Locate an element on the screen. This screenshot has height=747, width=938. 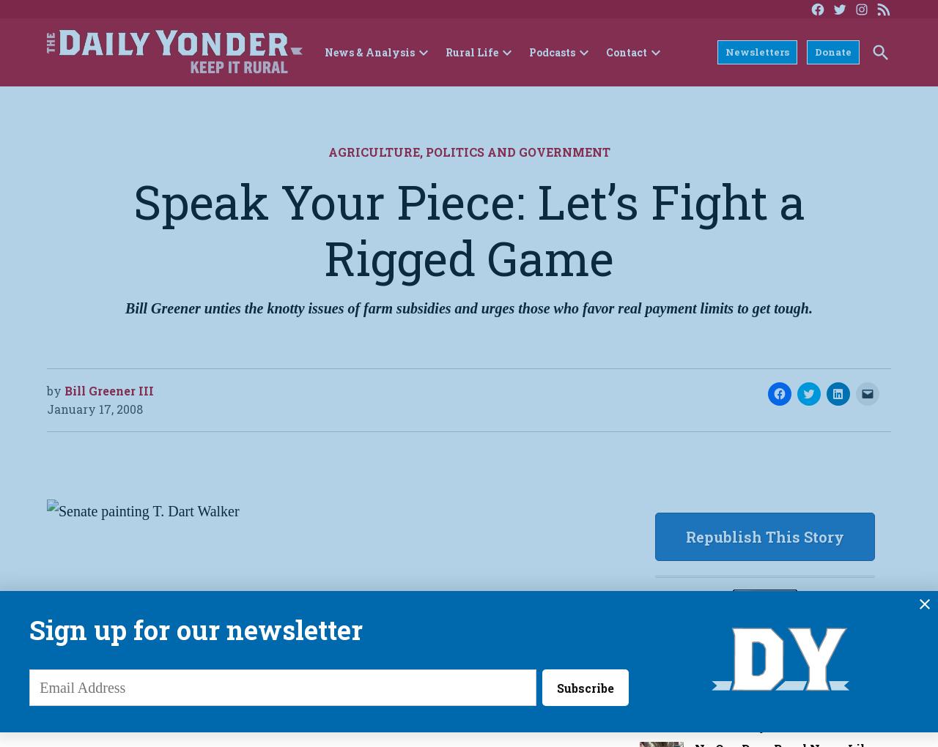
'Republish This Story' is located at coordinates (764, 535).